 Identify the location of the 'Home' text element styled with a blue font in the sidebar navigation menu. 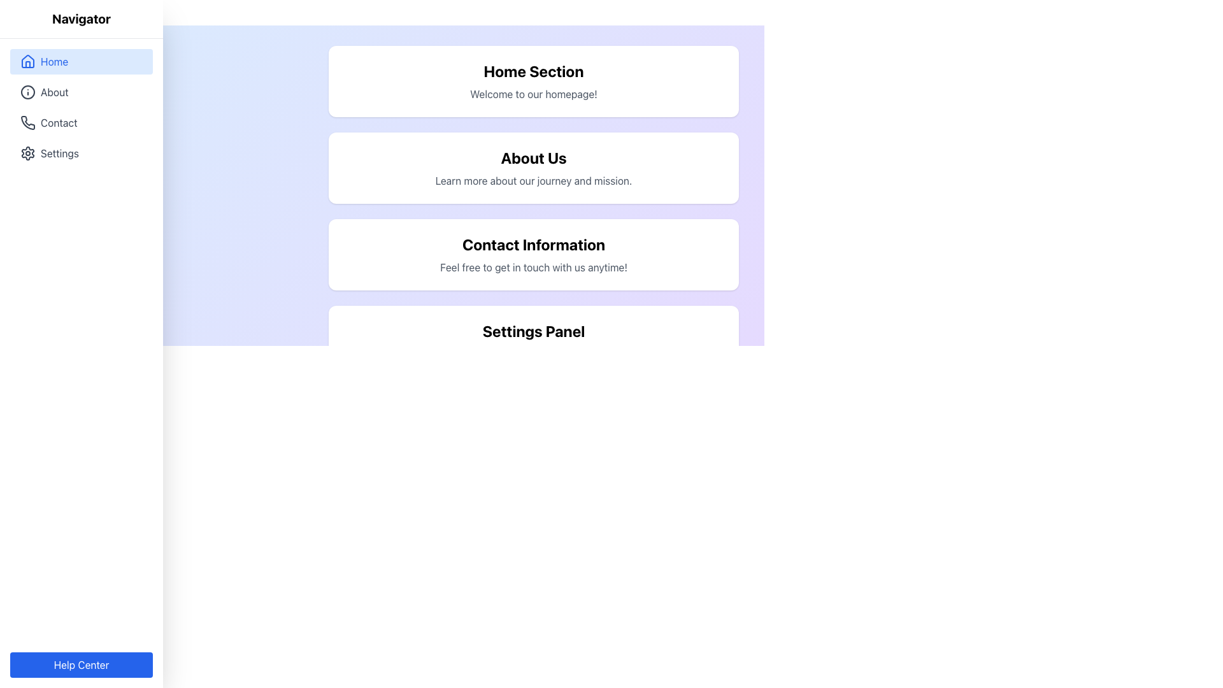
(54, 61).